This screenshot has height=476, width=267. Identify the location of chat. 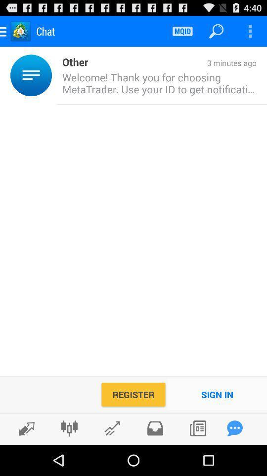
(234, 428).